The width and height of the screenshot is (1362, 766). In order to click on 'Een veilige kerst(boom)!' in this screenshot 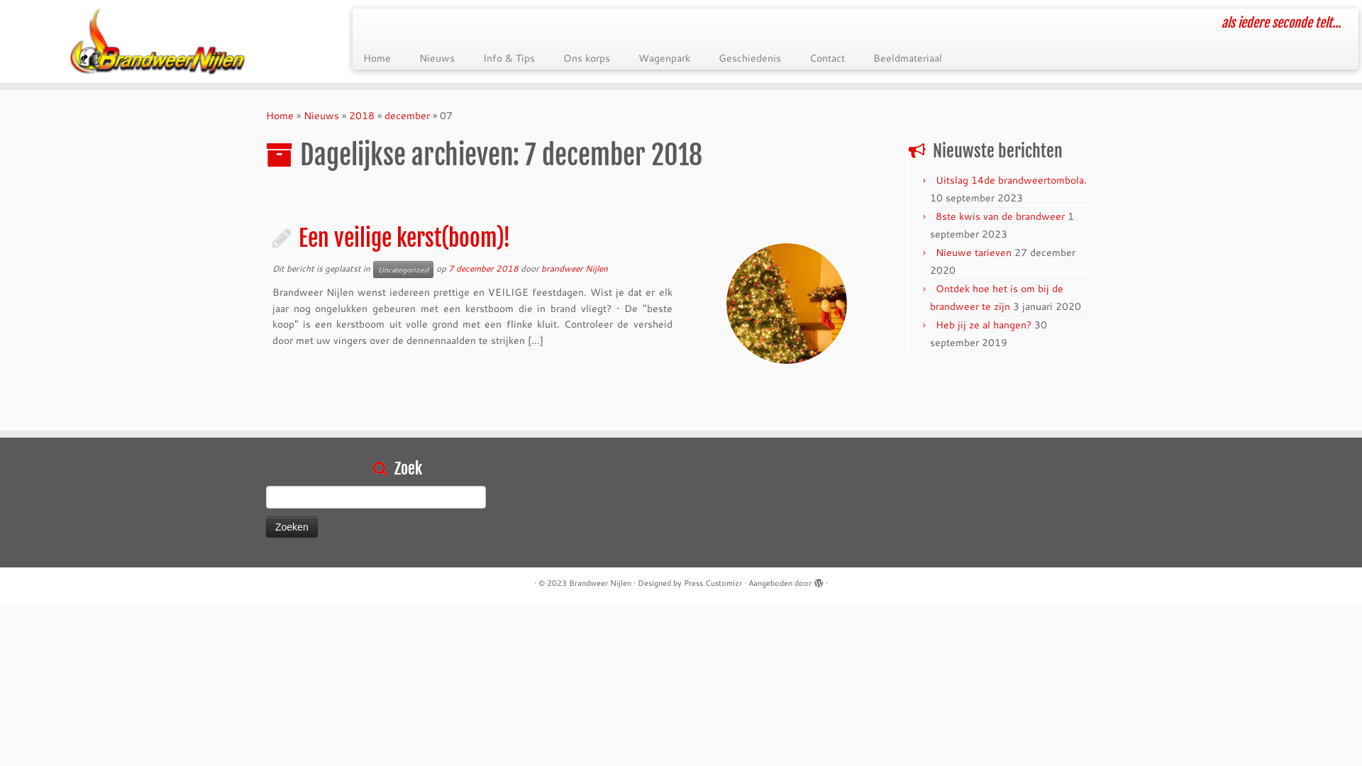, I will do `click(404, 237)`.